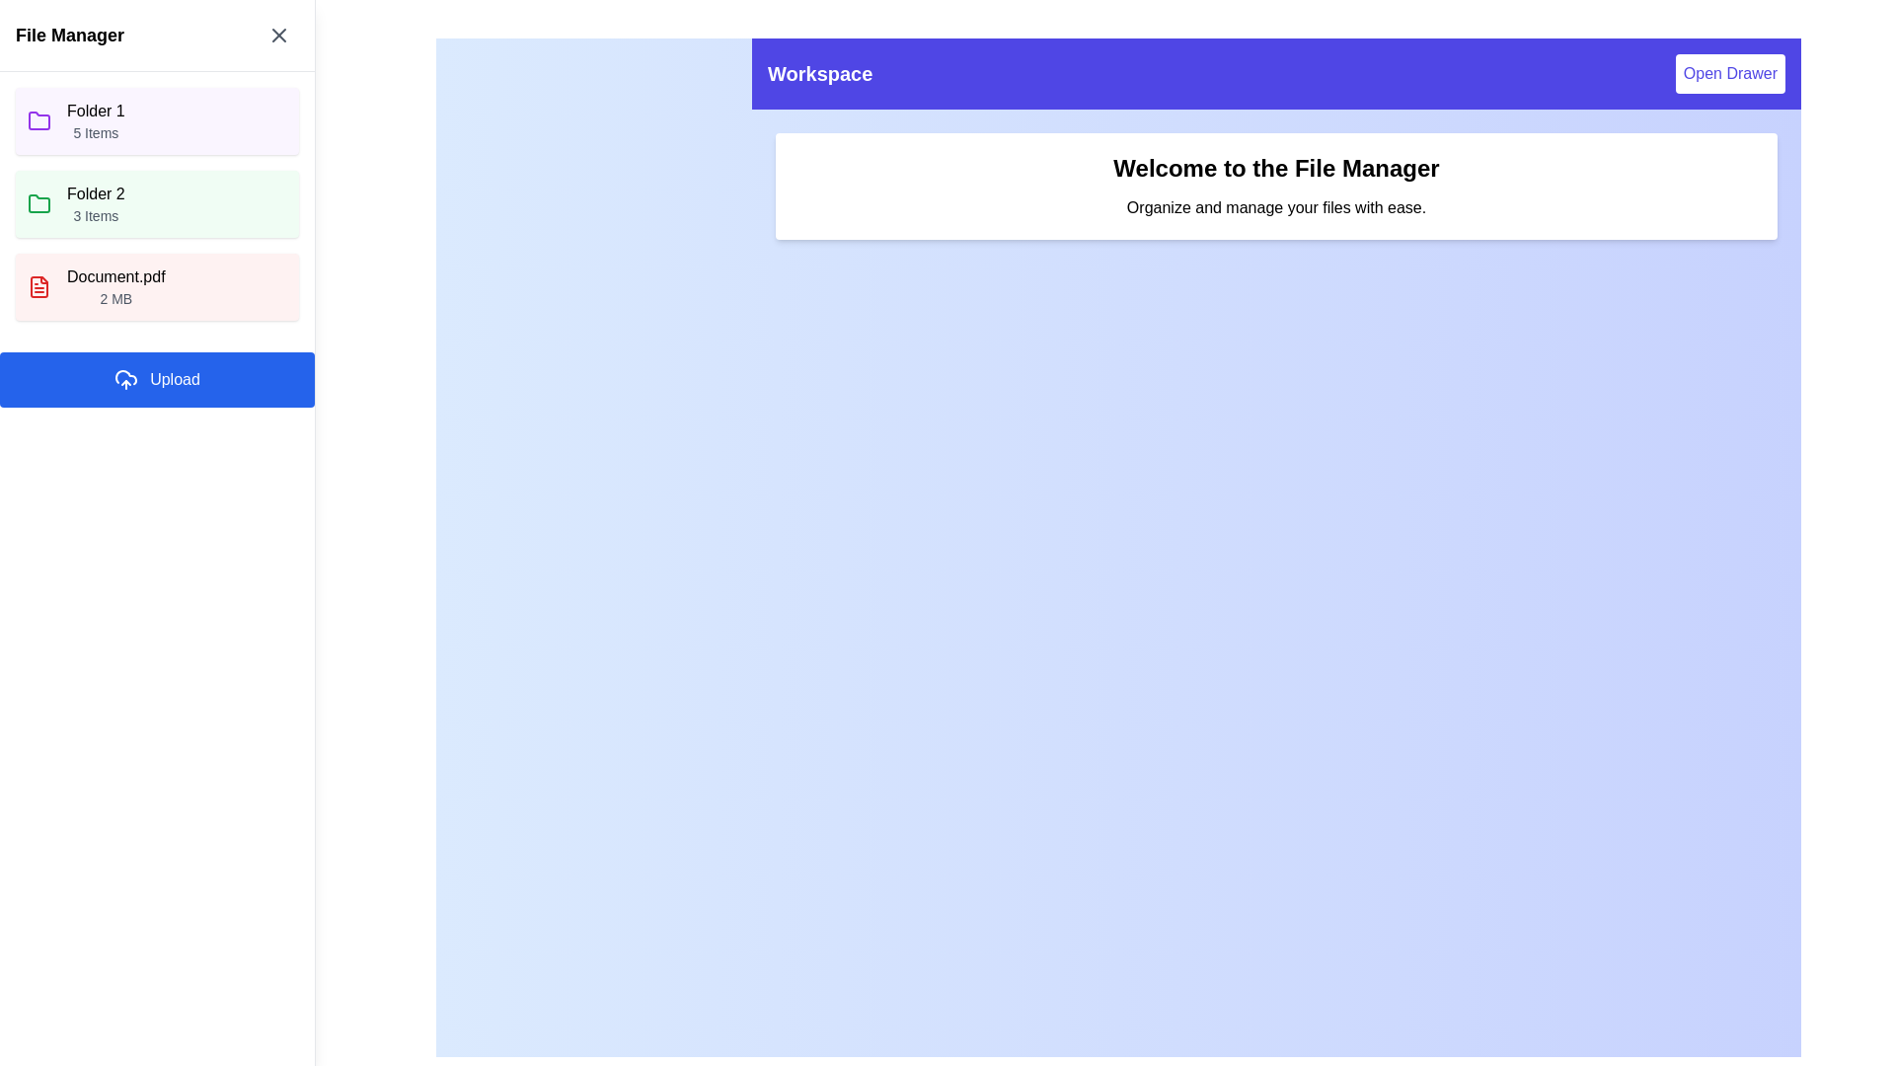 The image size is (1895, 1066). Describe the element at coordinates (94, 193) in the screenshot. I see `the text label for the folder` at that location.